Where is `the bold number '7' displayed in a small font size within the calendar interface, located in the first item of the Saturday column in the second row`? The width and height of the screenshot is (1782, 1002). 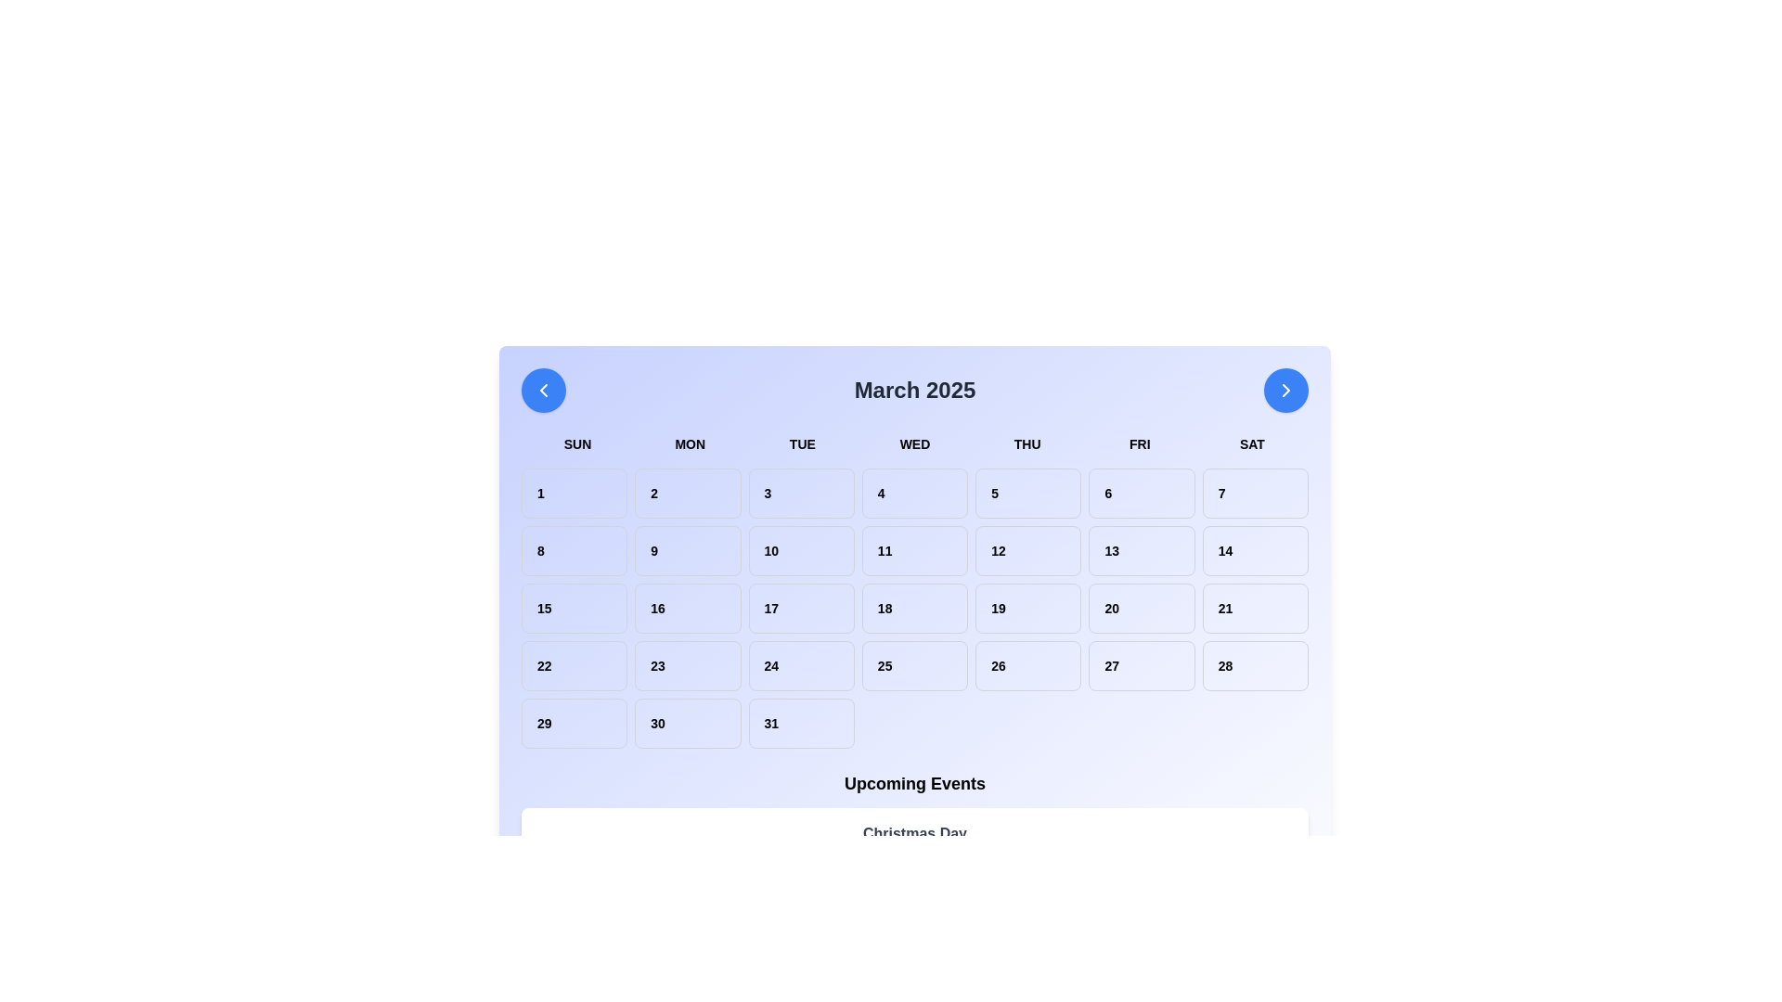
the bold number '7' displayed in a small font size within the calendar interface, located in the first item of the Saturday column in the second row is located at coordinates (1255, 493).